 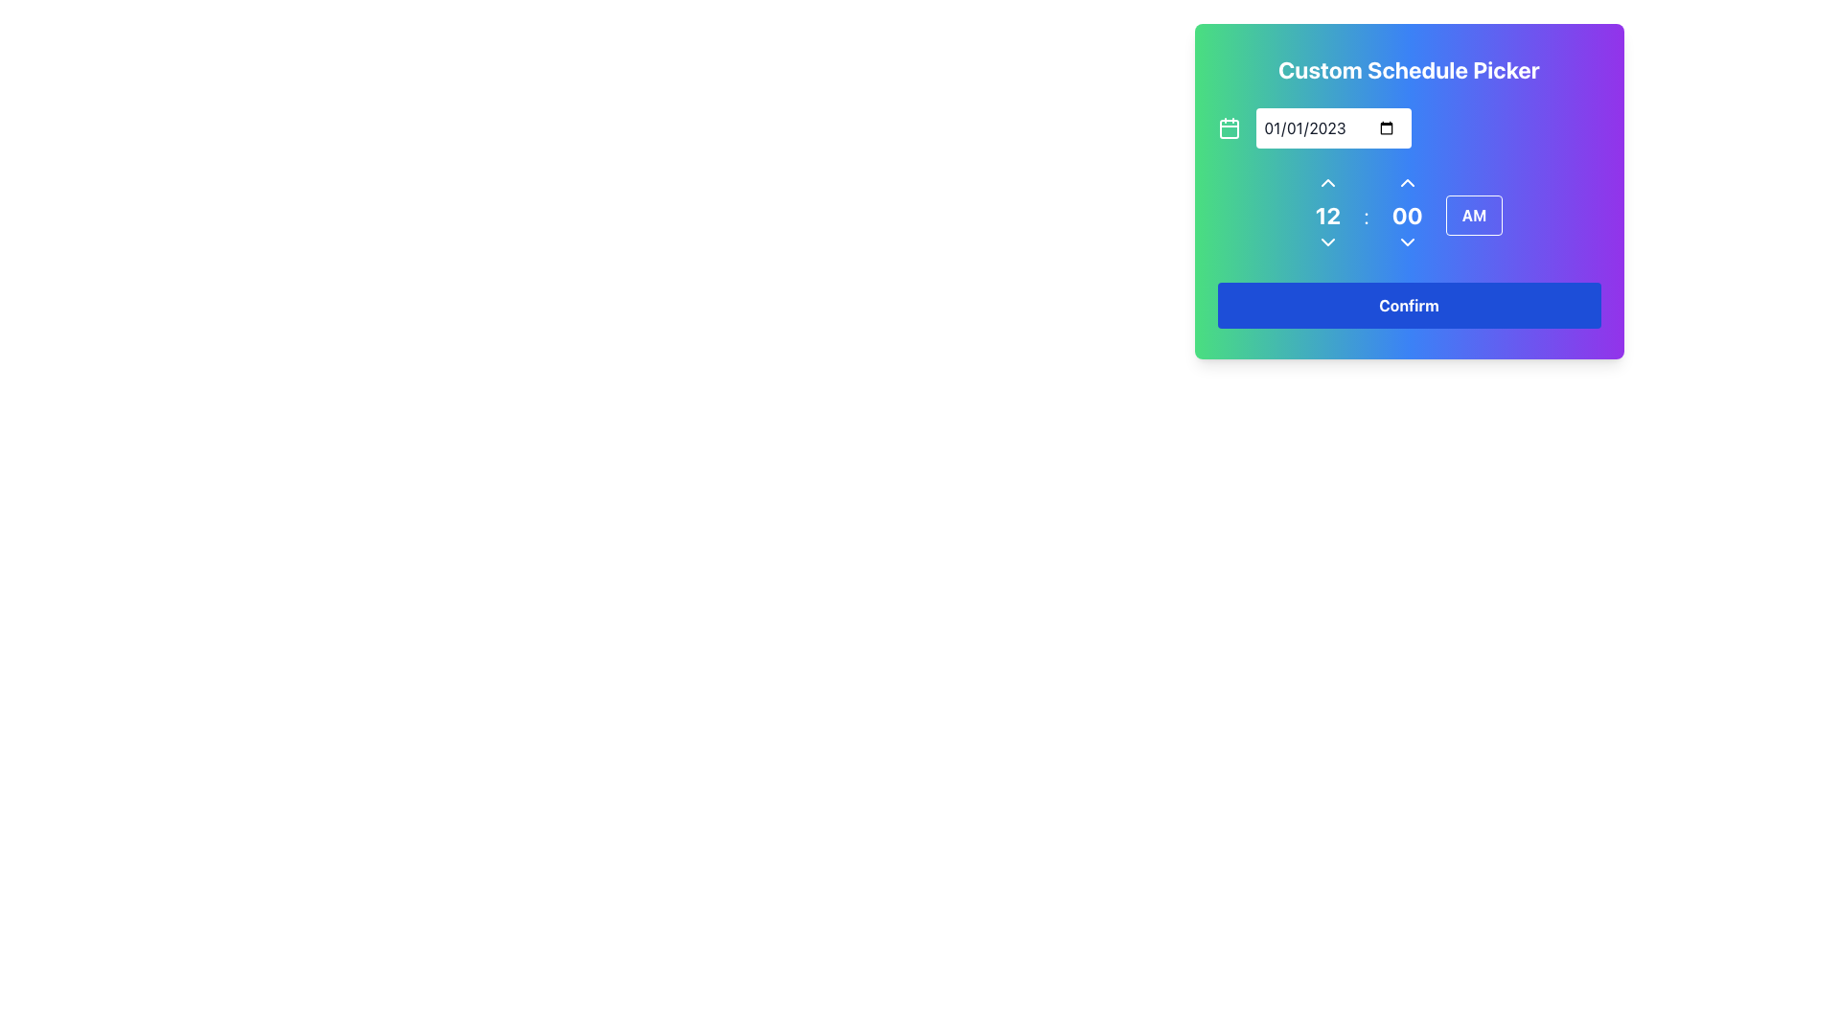 I want to click on the calendar icon in the Date Selector, so click(x=1409, y=128).